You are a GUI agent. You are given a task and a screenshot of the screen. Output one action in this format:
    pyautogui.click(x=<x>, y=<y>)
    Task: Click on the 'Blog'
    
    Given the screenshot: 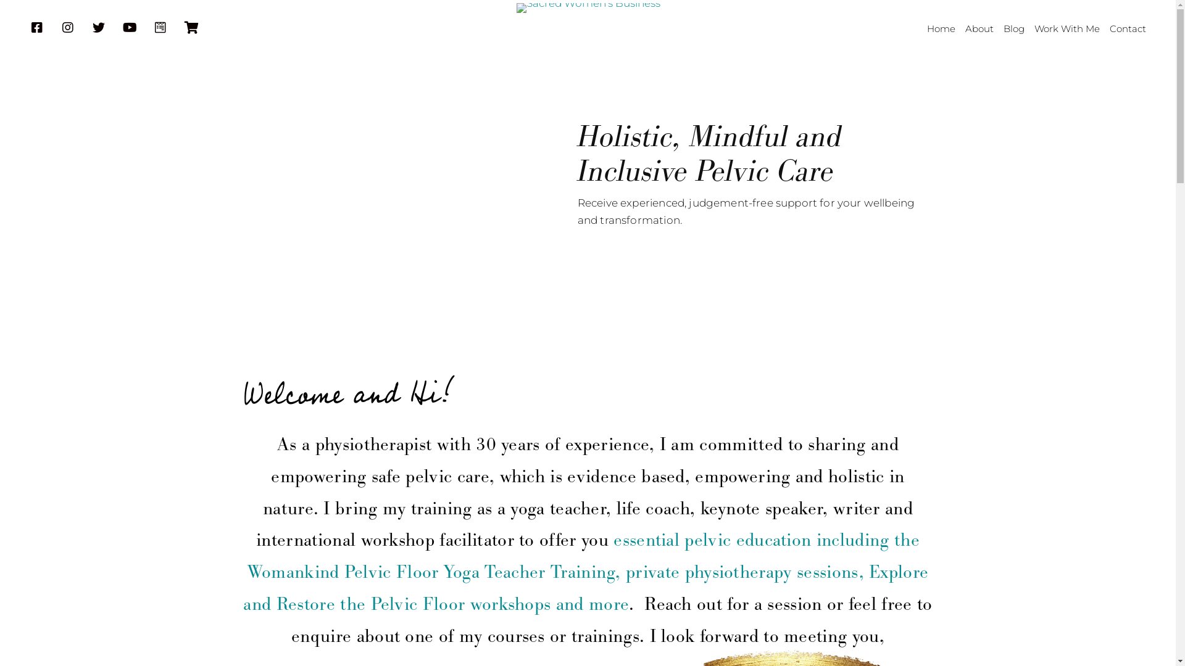 What is the action you would take?
    pyautogui.click(x=1013, y=28)
    